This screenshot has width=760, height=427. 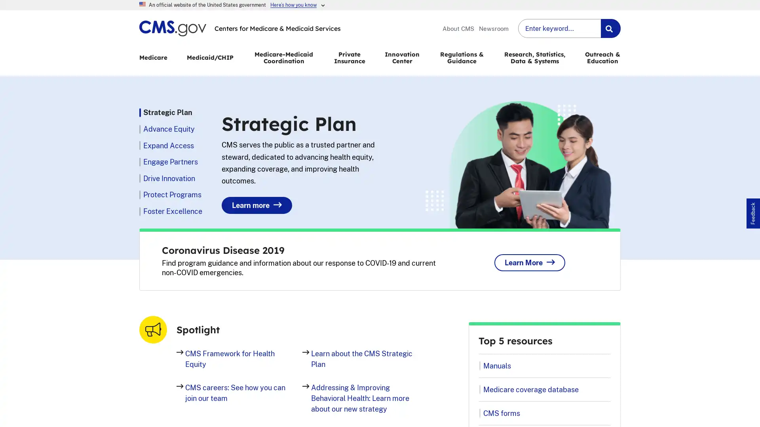 What do you see at coordinates (297, 5) in the screenshot?
I see `Heres how you know` at bounding box center [297, 5].